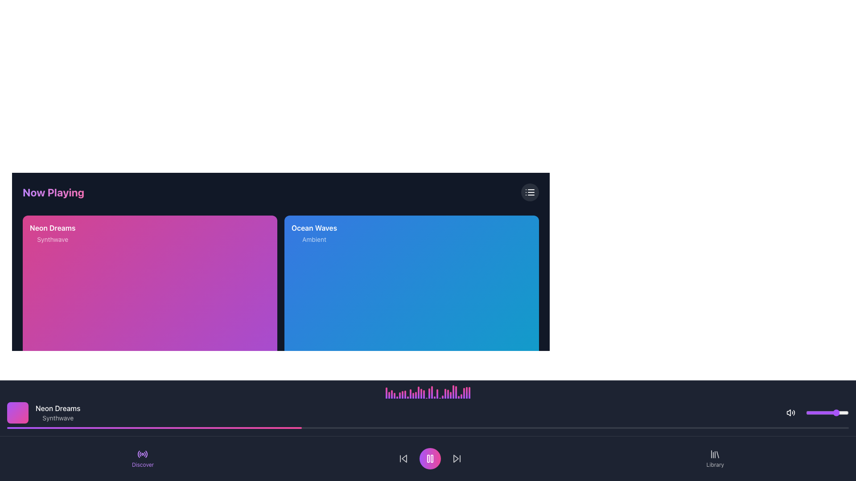 Image resolution: width=856 pixels, height=481 pixels. I want to click on the third vertical gradient bar from the left at the bottom of the page, so click(391, 395).